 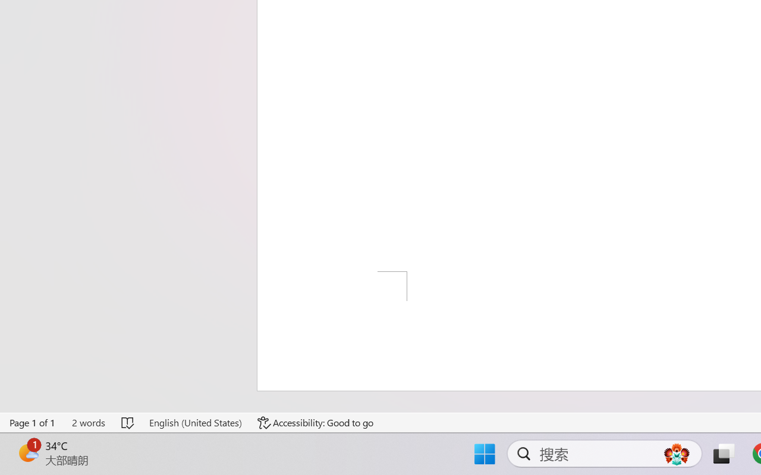 I want to click on 'AutomationID: DynamicSearchBoxGleamImage', so click(x=677, y=454).